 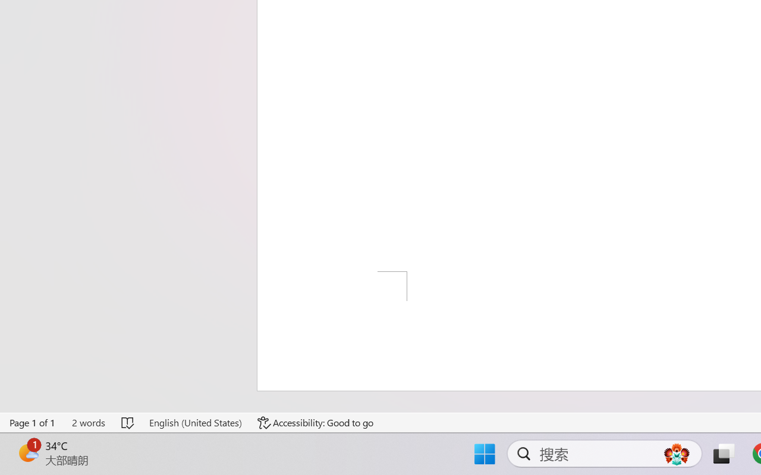 I want to click on 'AutomationID: DynamicSearchBoxGleamImage', so click(x=677, y=454).